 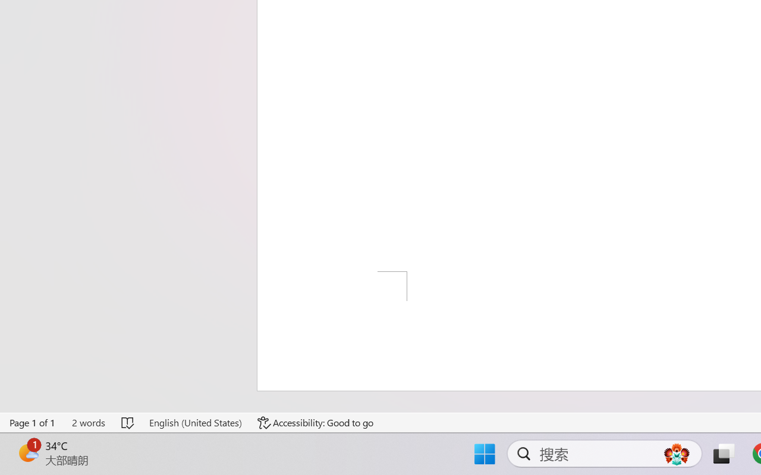 I want to click on 'AutomationID: DynamicSearchBoxGleamImage', so click(x=677, y=454).